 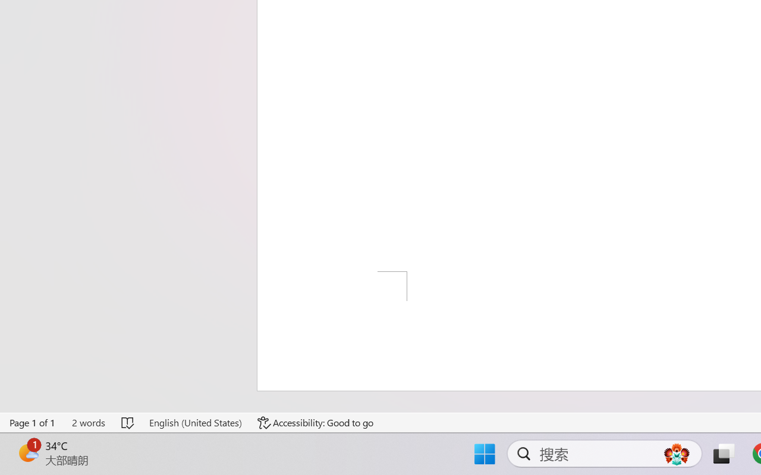 I want to click on 'AutomationID: DynamicSearchBoxGleamImage', so click(x=677, y=454).